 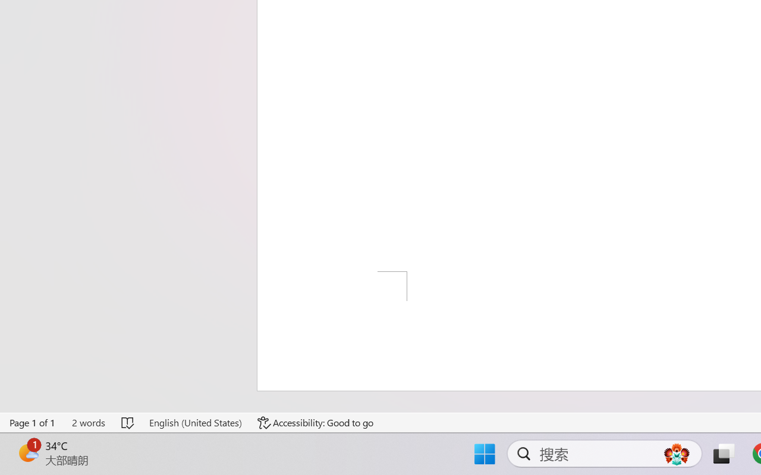 I want to click on 'AutomationID: DynamicSearchBoxGleamImage', so click(x=677, y=454).